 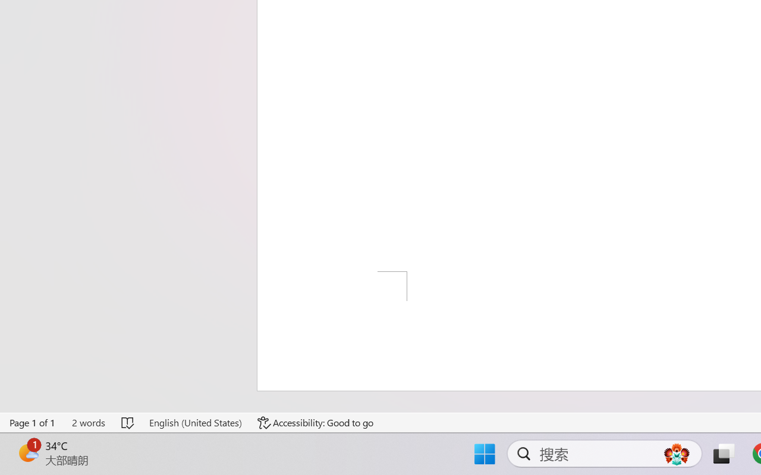 I want to click on 'AutomationID: DynamicSearchBoxGleamImage', so click(x=677, y=454).